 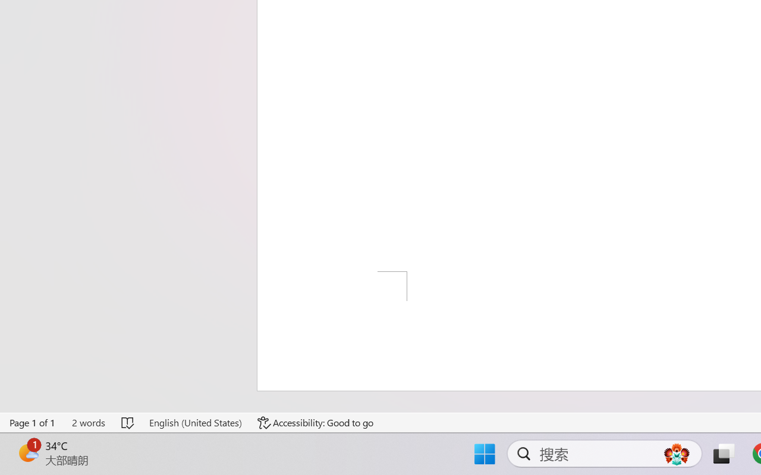 I want to click on 'AutomationID: DynamicSearchBoxGleamImage', so click(x=677, y=454).